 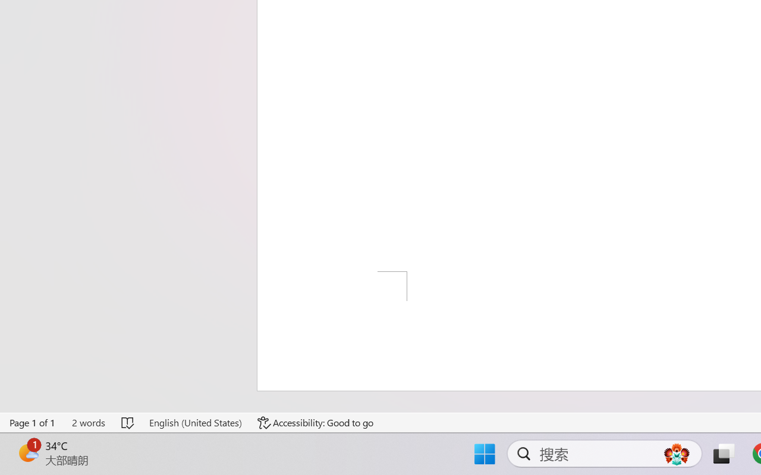 I want to click on 'AutomationID: DynamicSearchBoxGleamImage', so click(x=677, y=454).